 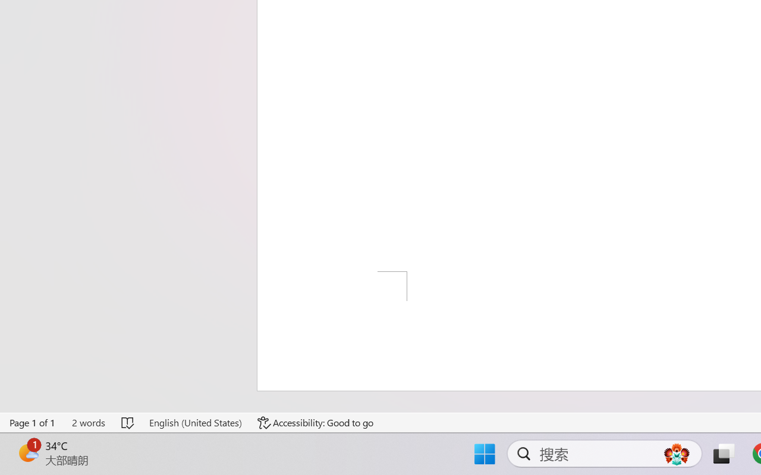 I want to click on 'AutomationID: DynamicSearchBoxGleamImage', so click(x=677, y=454).